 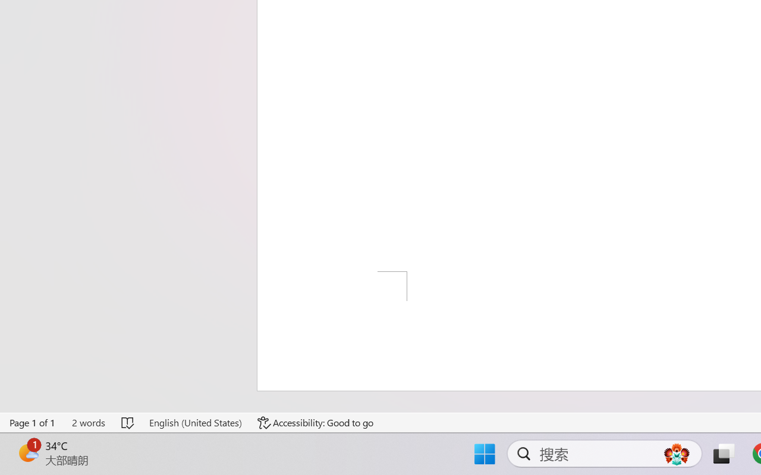 I want to click on 'AutomationID: DynamicSearchBoxGleamImage', so click(x=677, y=454).